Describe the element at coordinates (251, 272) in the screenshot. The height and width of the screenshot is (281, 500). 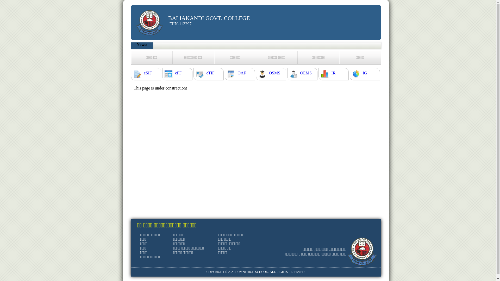
I see `'DUMNI HIGH SCHOOL'` at that location.